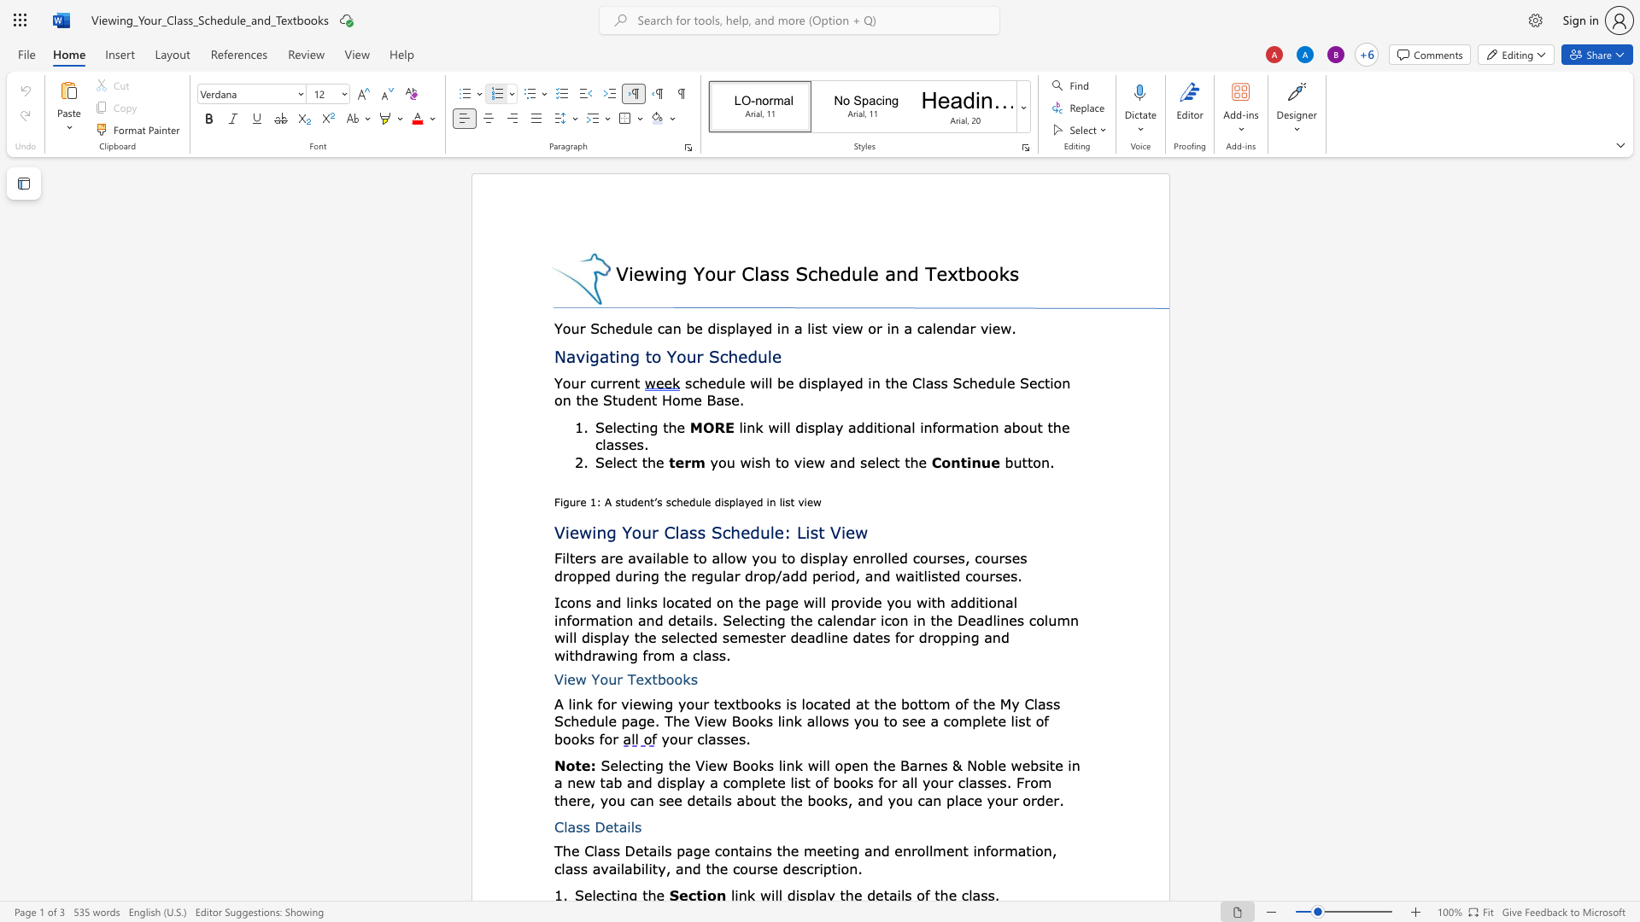 The image size is (1640, 922). What do you see at coordinates (688, 531) in the screenshot?
I see `the space between the continuous character "a" and "s" in the text` at bounding box center [688, 531].